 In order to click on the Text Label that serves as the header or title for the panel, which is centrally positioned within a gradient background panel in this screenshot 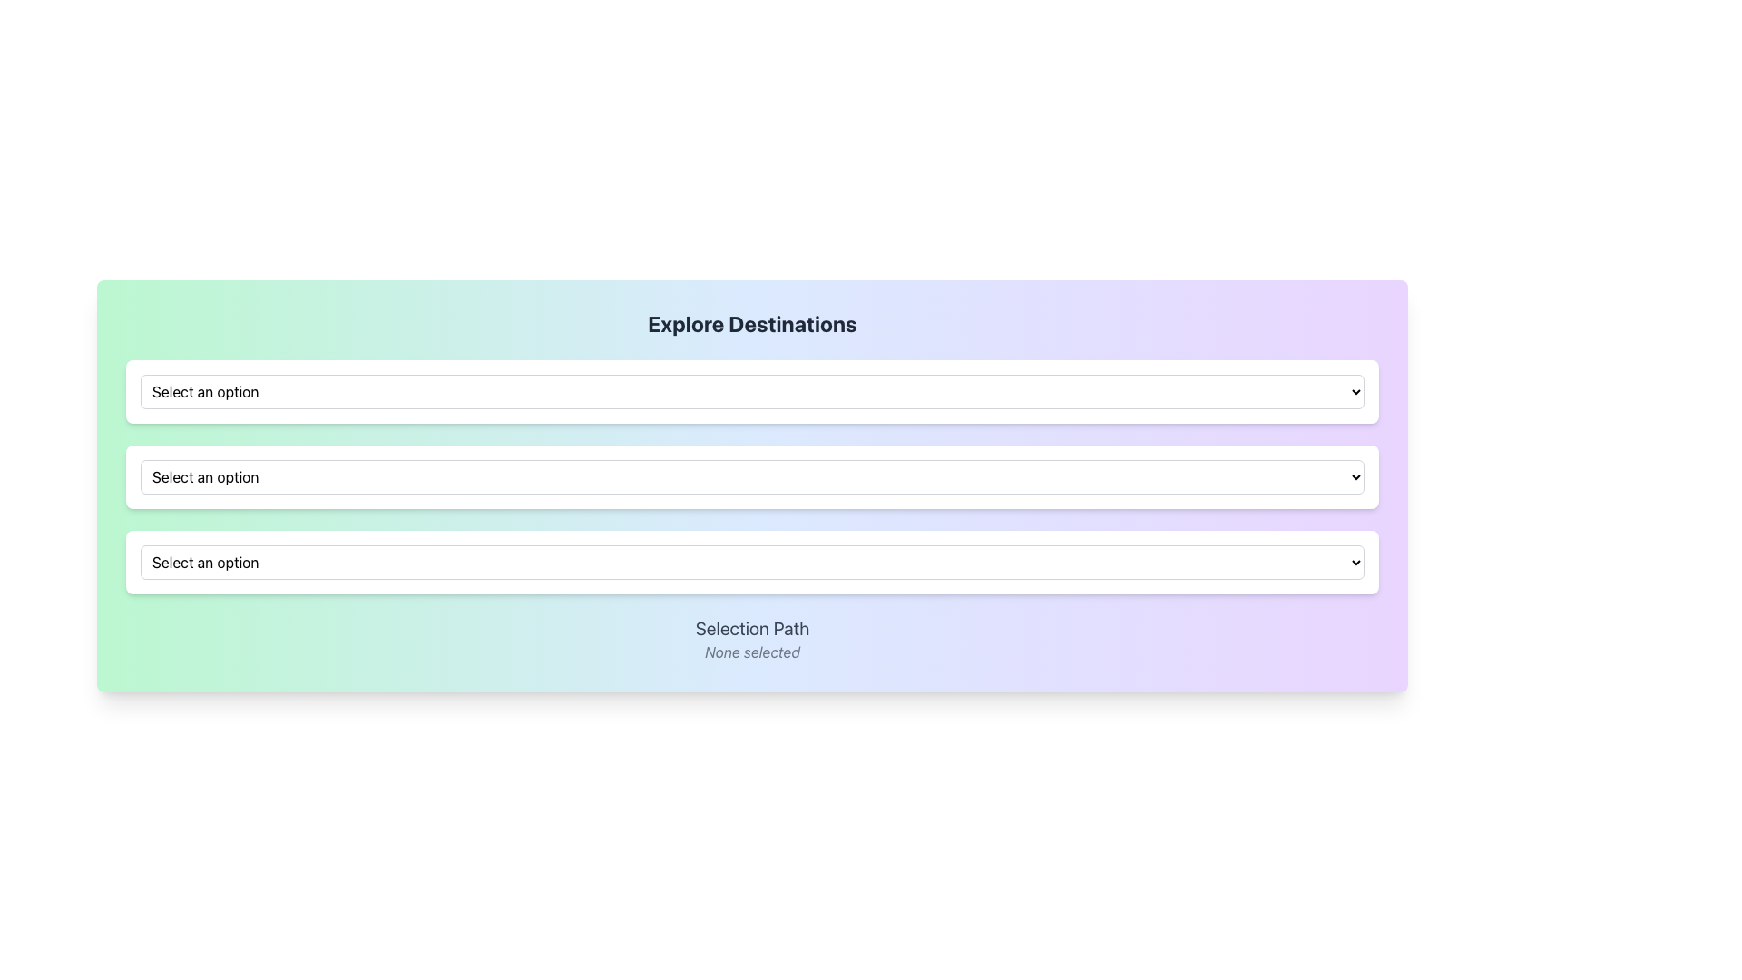, I will do `click(752, 323)`.